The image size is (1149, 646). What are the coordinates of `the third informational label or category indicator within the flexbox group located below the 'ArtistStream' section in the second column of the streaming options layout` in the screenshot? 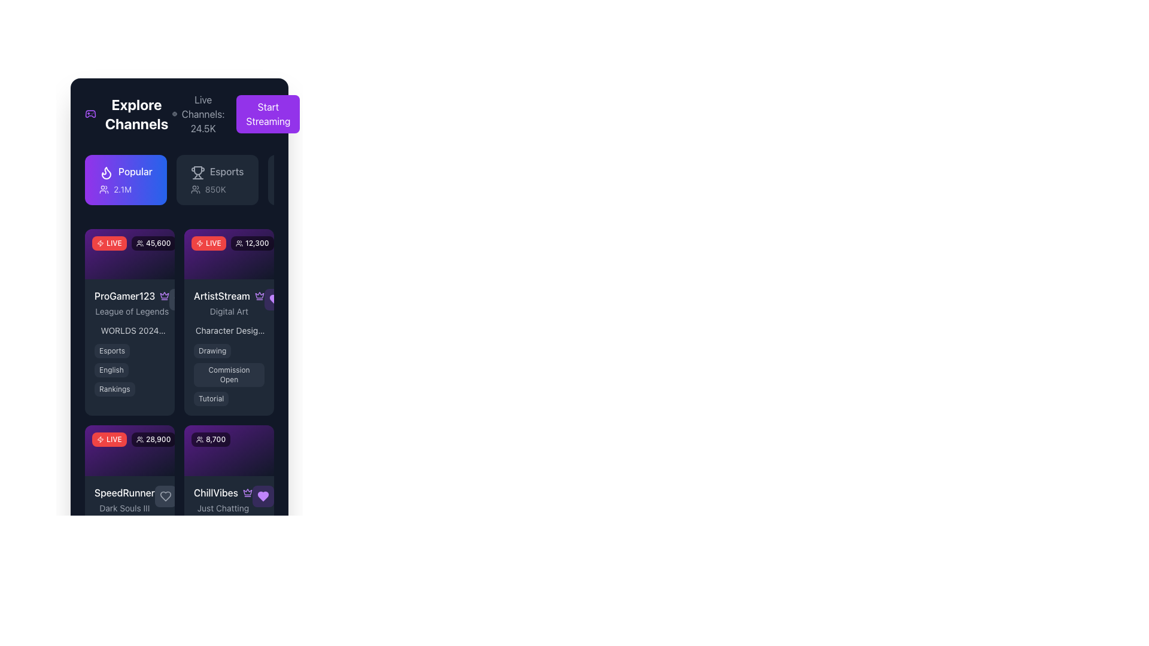 It's located at (211, 399).